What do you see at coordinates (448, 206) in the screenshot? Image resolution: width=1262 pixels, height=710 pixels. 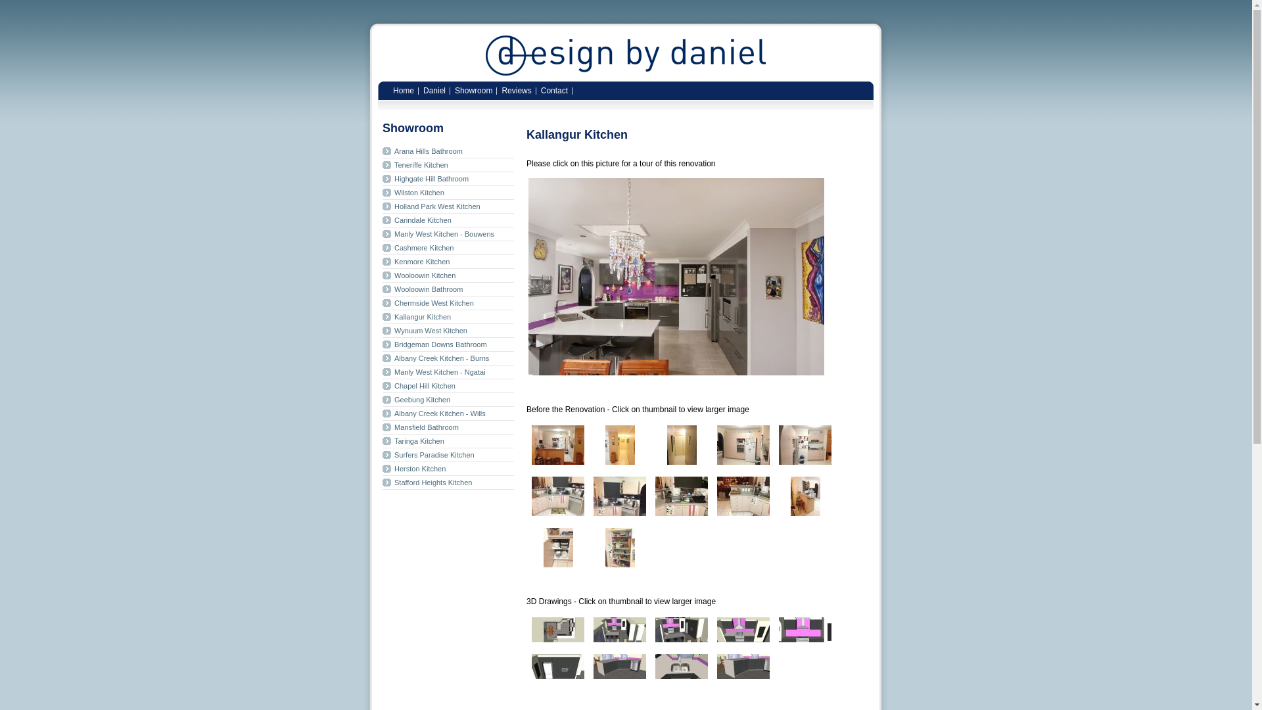 I see `'Holland Park West Kitchen'` at bounding box center [448, 206].